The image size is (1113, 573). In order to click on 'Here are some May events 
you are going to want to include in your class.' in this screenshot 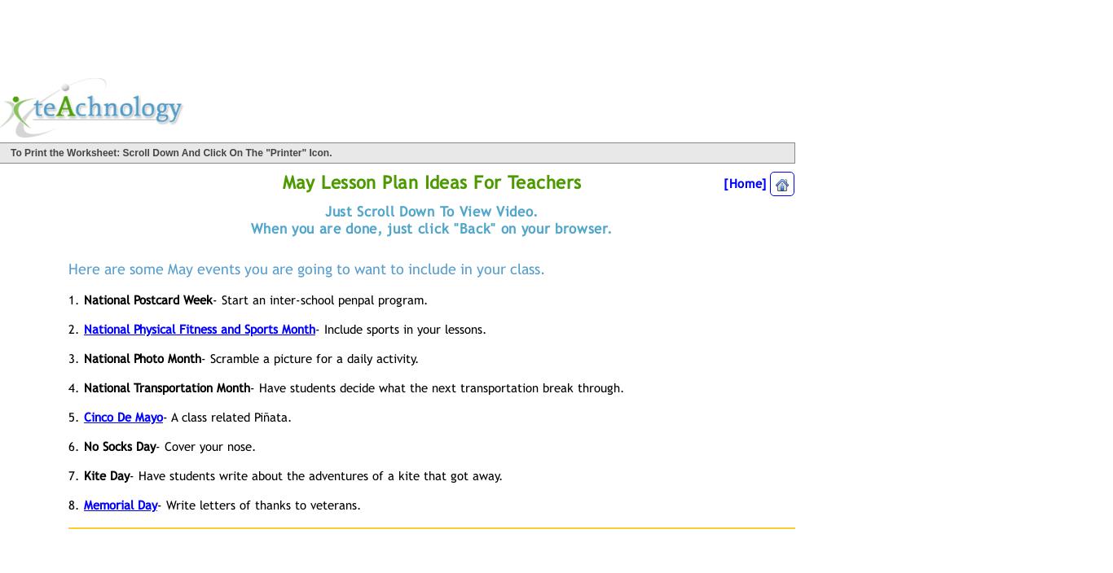, I will do `click(306, 269)`.